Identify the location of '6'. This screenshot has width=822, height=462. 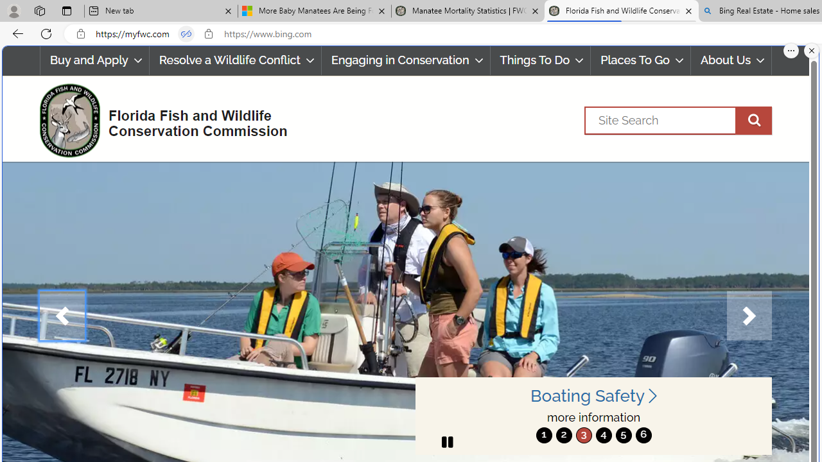
(643, 434).